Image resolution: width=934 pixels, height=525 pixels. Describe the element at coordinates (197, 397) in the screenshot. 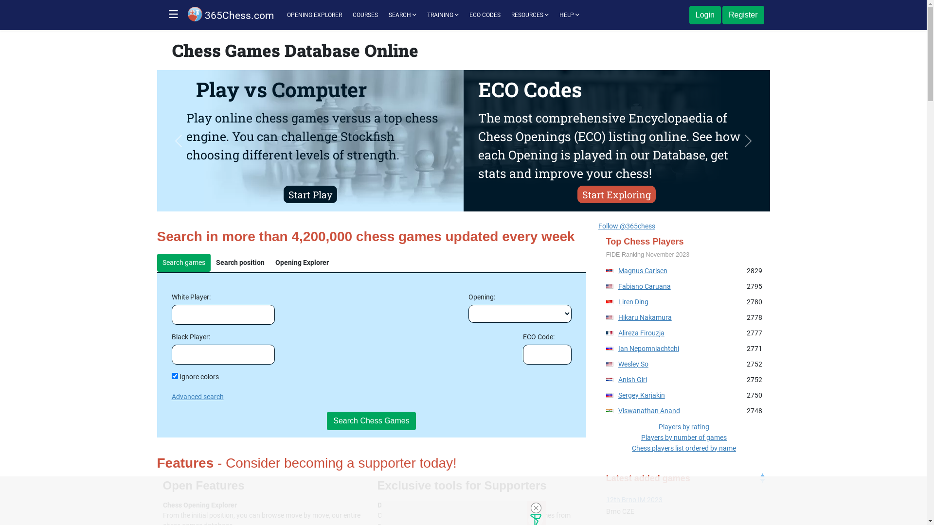

I see `'Advanced search'` at that location.